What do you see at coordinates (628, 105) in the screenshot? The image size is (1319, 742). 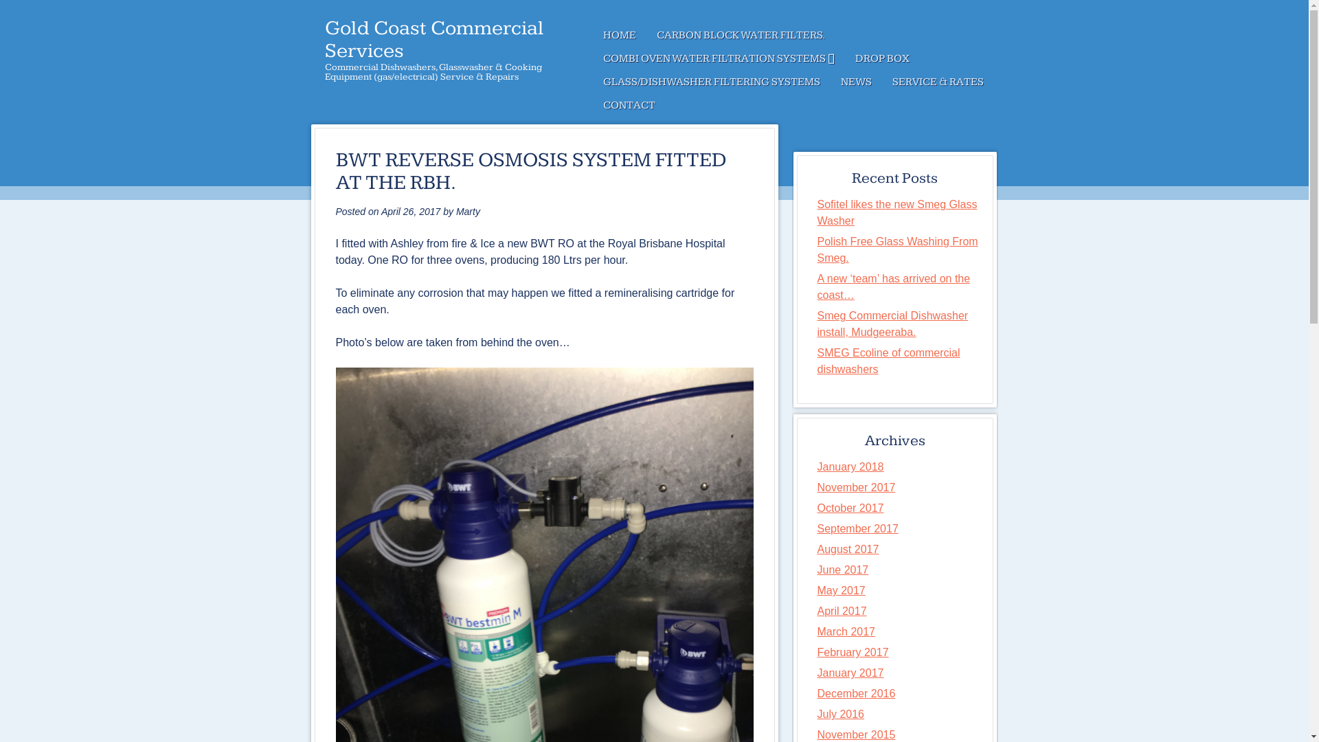 I see `'CONTACT'` at bounding box center [628, 105].